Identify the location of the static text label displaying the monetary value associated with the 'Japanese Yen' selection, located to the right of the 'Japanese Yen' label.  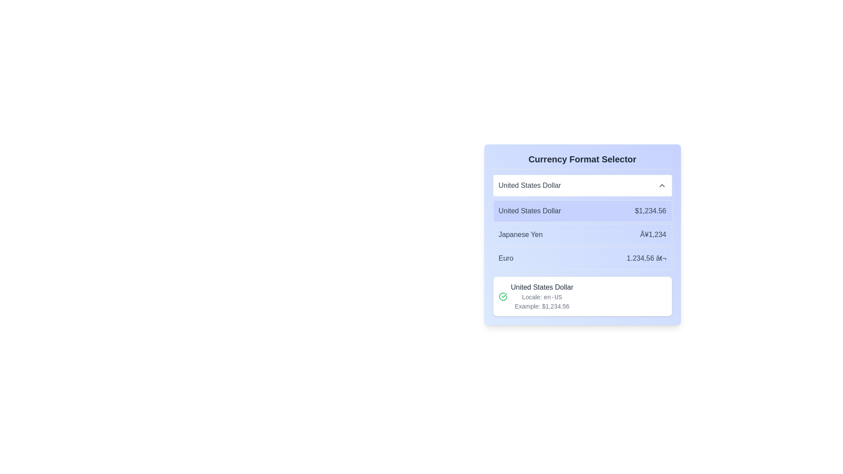
(653, 234).